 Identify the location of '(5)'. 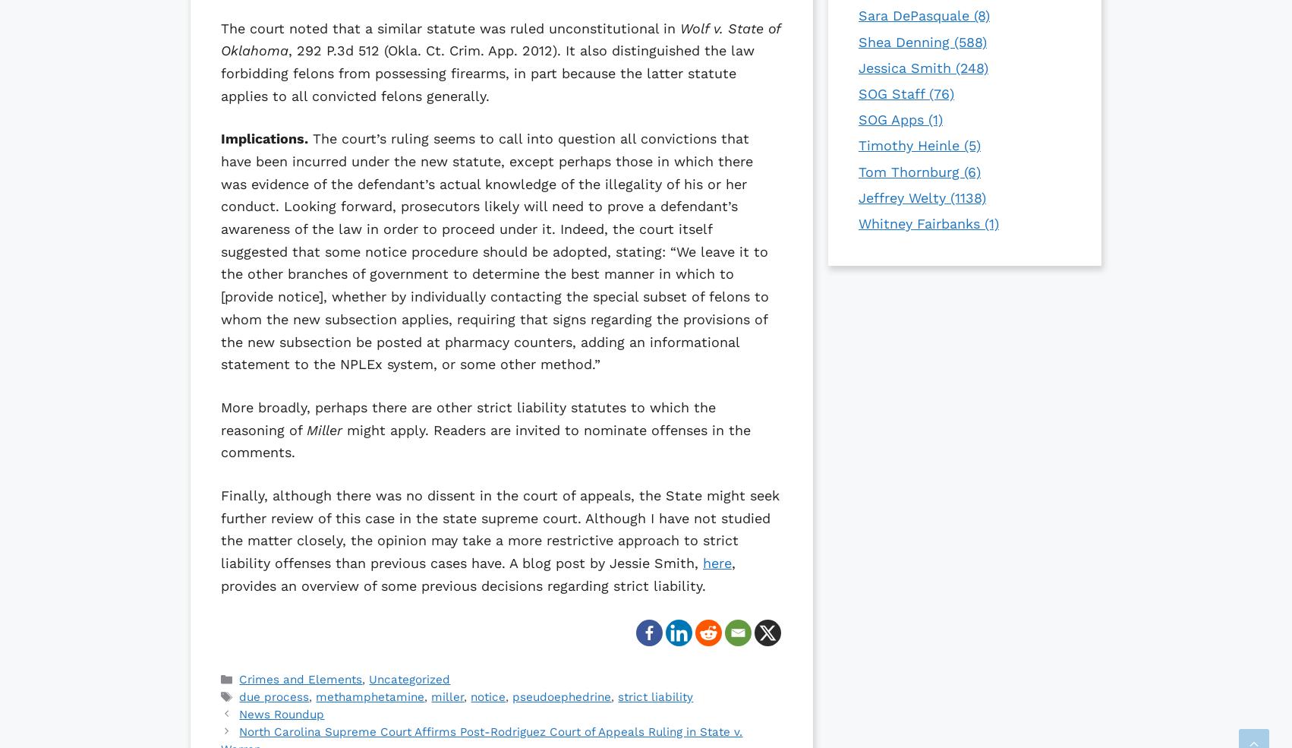
(971, 145).